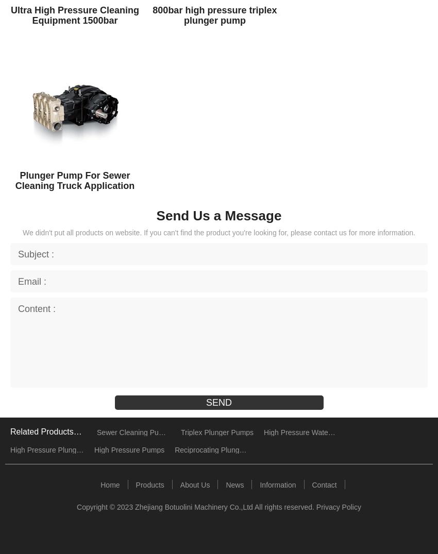 The height and width of the screenshot is (554, 438). What do you see at coordinates (149, 483) in the screenshot?
I see `'Products'` at bounding box center [149, 483].